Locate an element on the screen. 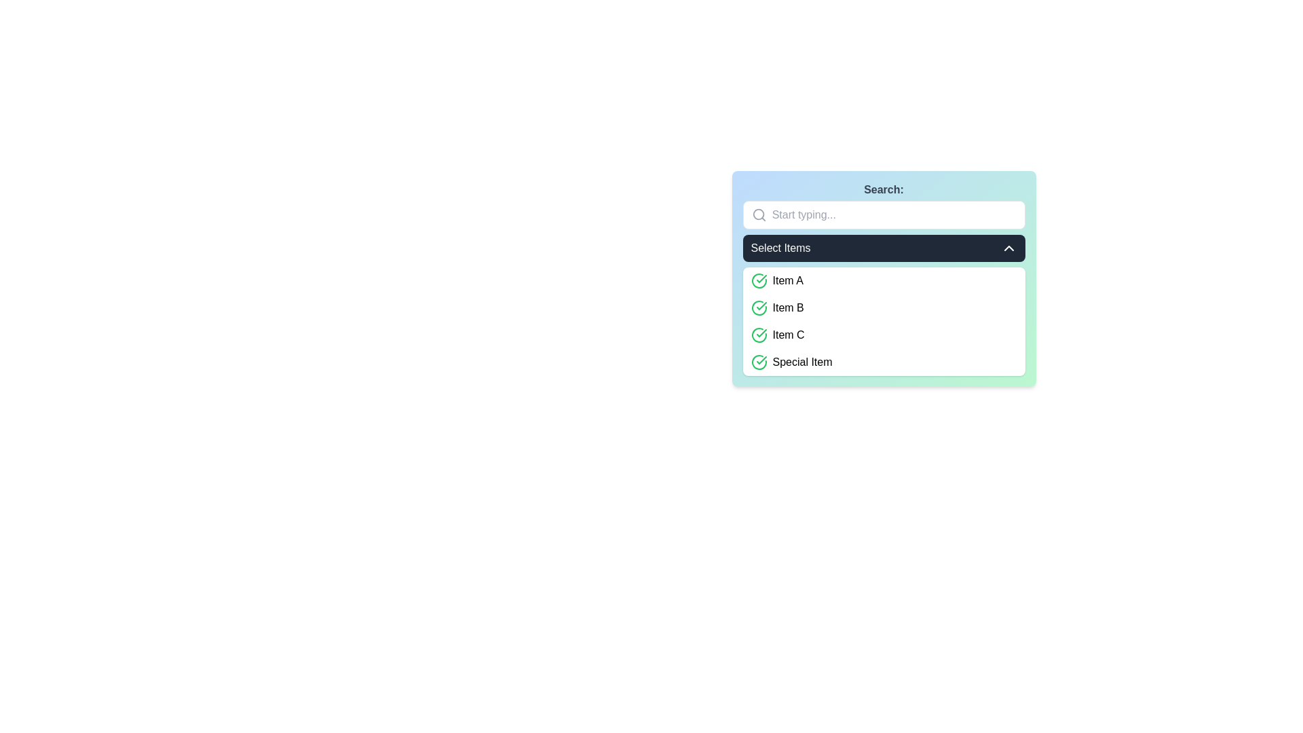  the checked status icon in the dropdown list near 'Item A' is located at coordinates (758, 335).